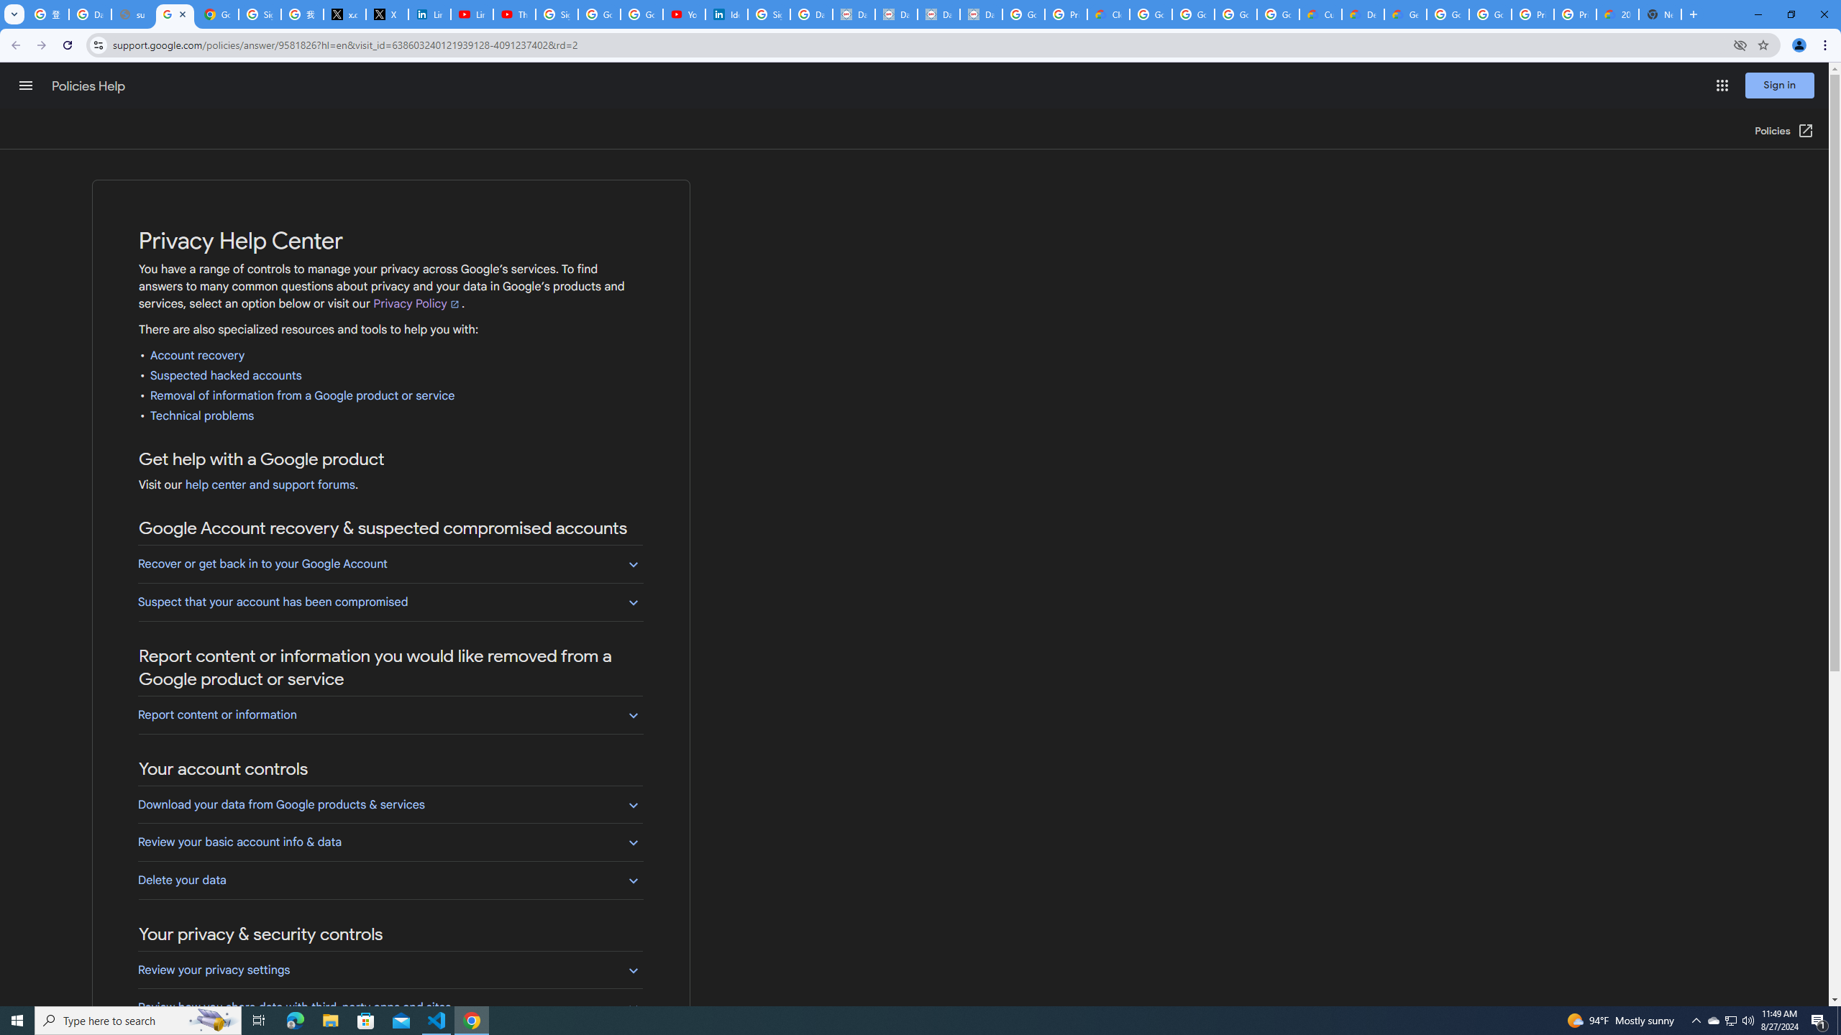  Describe the element at coordinates (428, 14) in the screenshot. I see `'LinkedIn Privacy Policy'` at that location.